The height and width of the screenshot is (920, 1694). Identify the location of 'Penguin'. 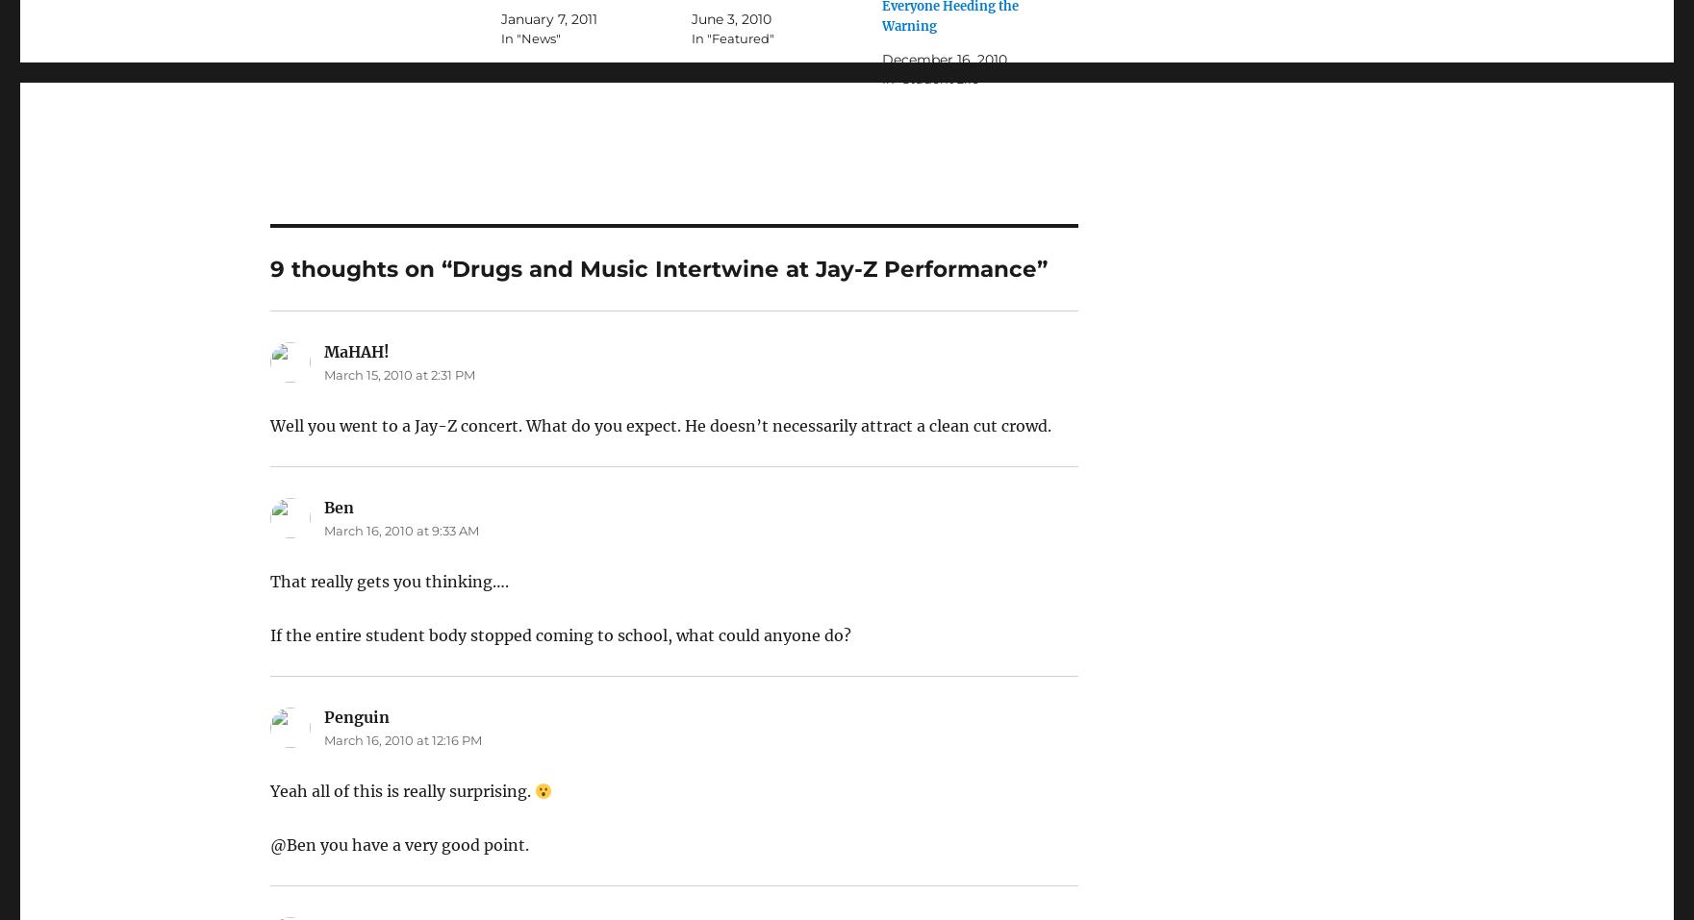
(354, 716).